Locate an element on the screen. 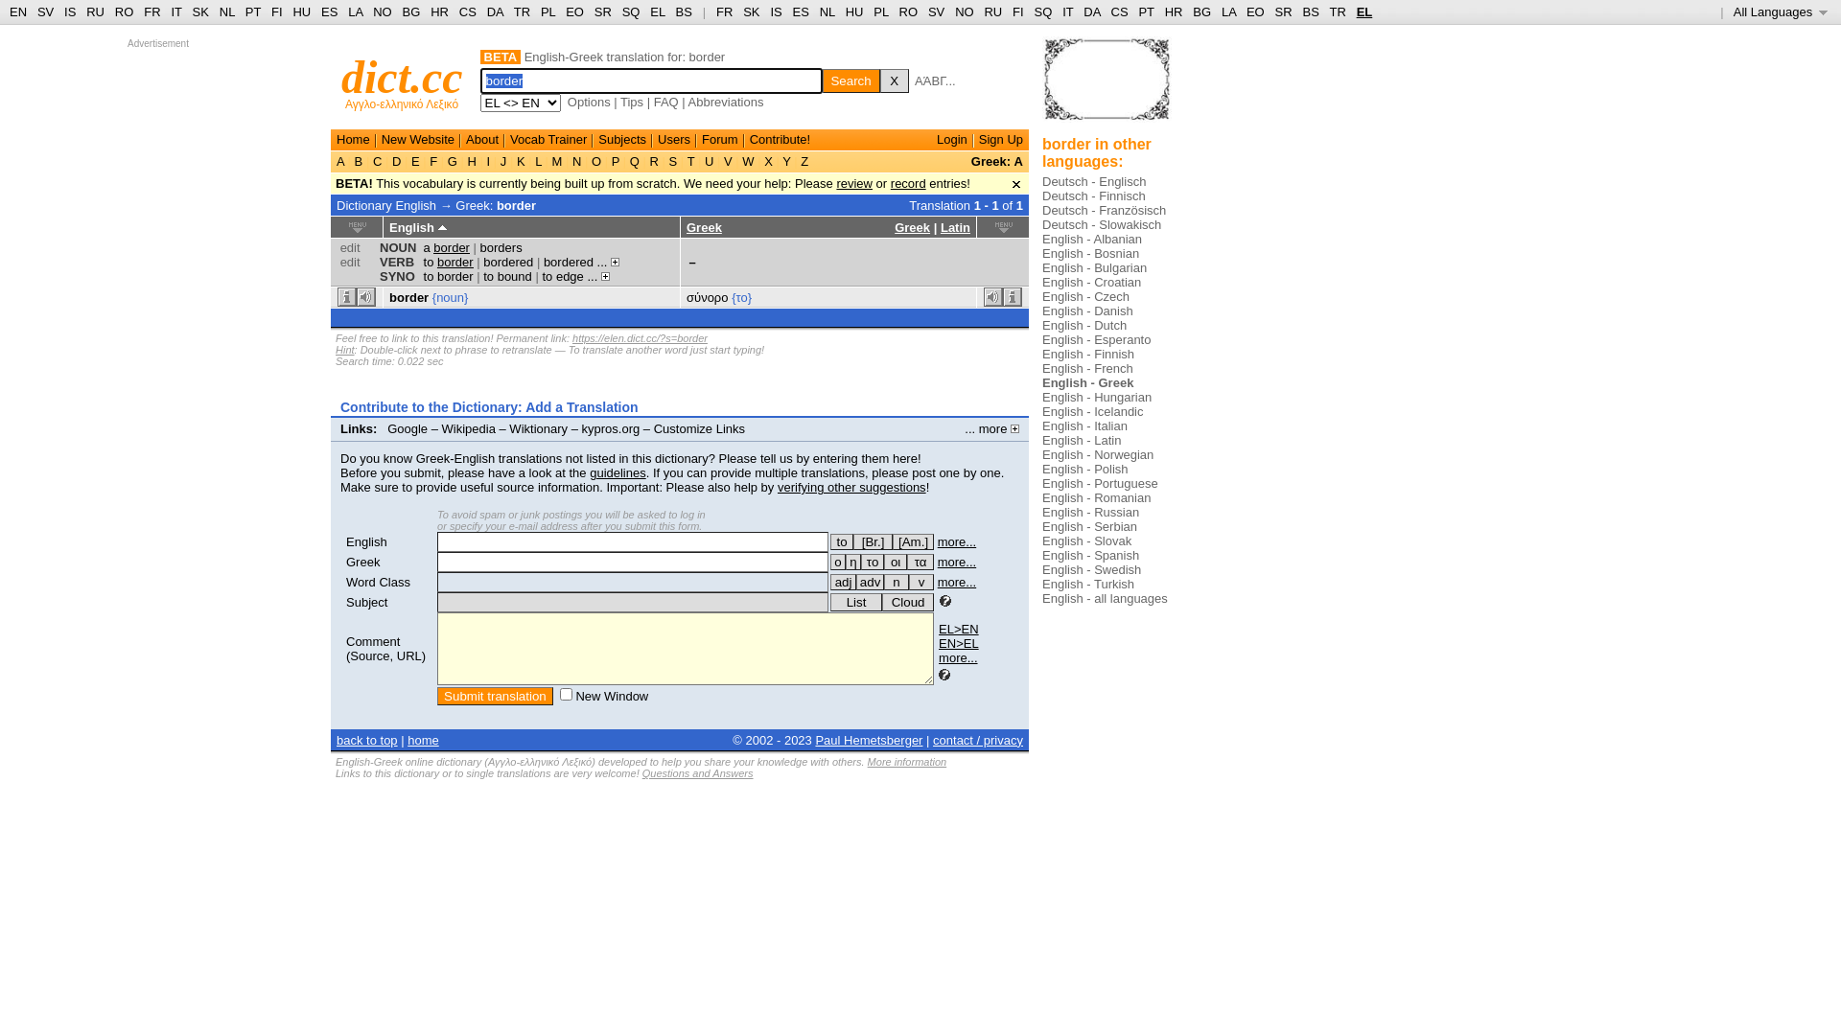 Image resolution: width=1841 pixels, height=1035 pixels. 'Questions and Answers' is located at coordinates (697, 771).